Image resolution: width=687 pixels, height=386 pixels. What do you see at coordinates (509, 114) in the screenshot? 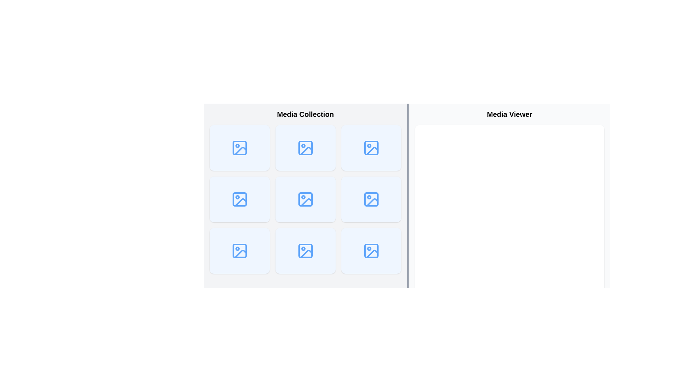
I see `the 'Media Viewer' heading, which is displayed in bold, large black font at the top of the right-hand section of the interface` at bounding box center [509, 114].